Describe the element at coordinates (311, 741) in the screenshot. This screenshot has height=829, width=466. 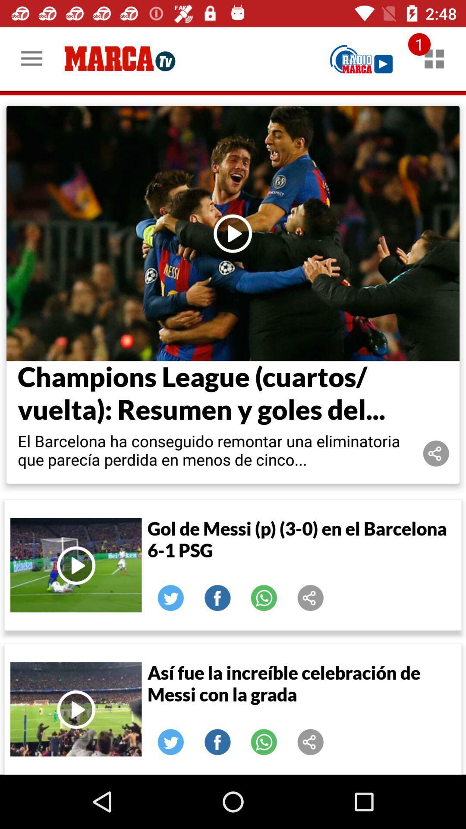
I see `share this clip` at that location.